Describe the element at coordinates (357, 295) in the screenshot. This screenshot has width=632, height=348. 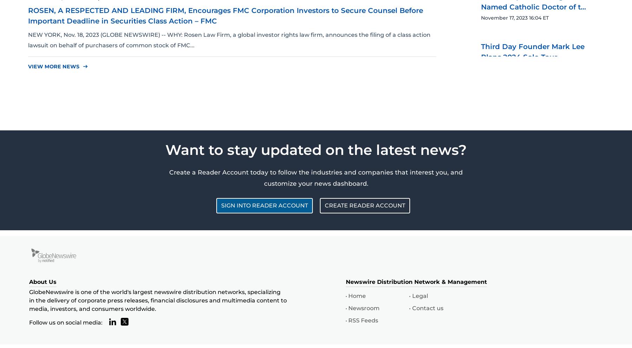
I see `'Home'` at that location.